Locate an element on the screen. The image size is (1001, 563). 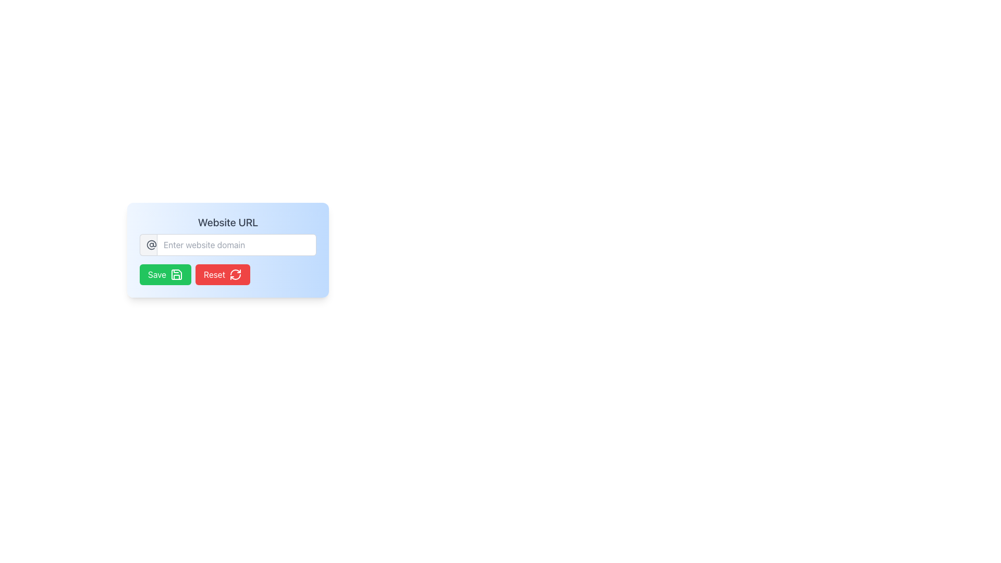
the 'Save' button positioned at the bottom of the form is located at coordinates (165, 274).